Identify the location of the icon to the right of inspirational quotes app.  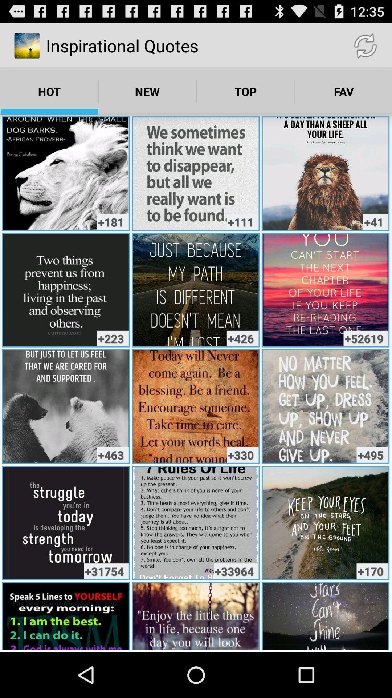
(365, 45).